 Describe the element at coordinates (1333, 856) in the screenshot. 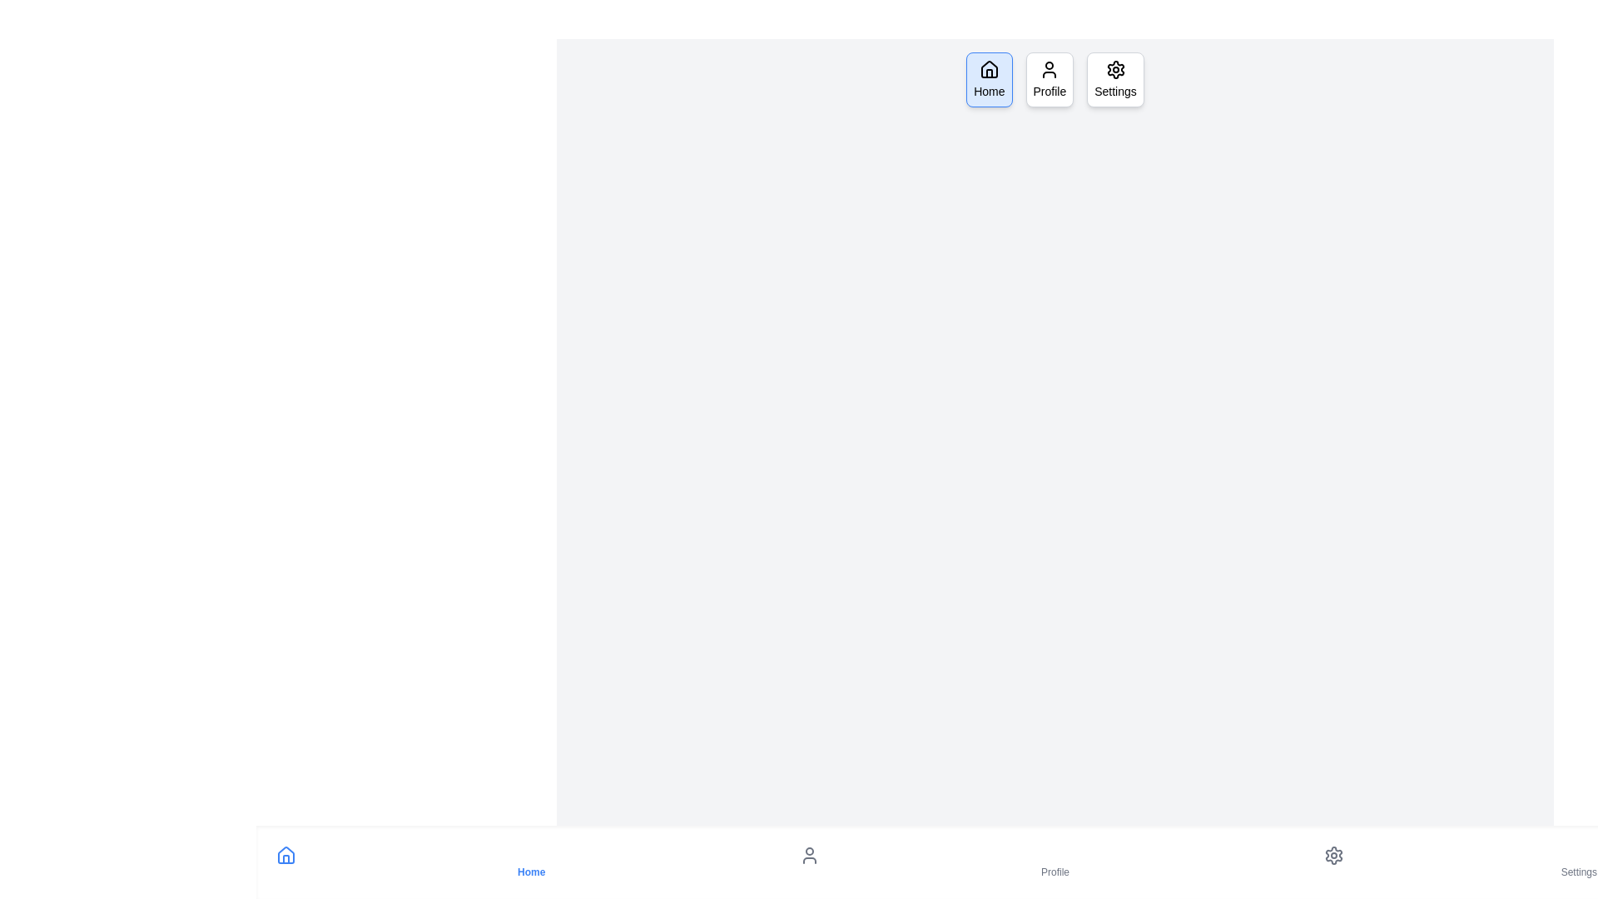

I see `the sophisticated gear icon located at the bottom-right of the interface` at that location.